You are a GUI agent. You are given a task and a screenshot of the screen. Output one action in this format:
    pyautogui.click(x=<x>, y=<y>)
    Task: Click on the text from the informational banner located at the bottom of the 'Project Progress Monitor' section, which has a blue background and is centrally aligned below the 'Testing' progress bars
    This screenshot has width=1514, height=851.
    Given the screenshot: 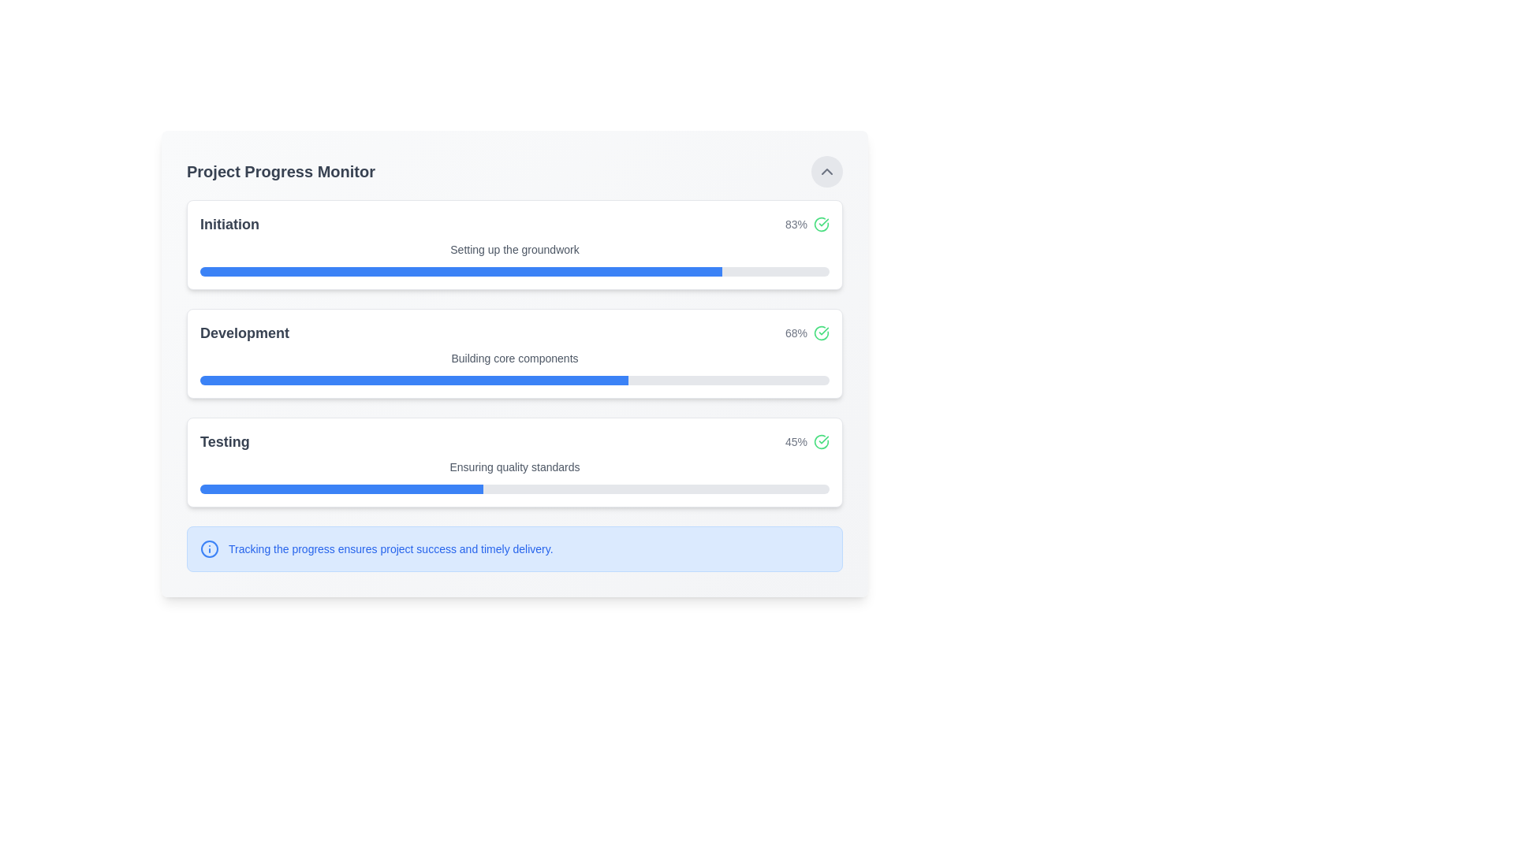 What is the action you would take?
    pyautogui.click(x=514, y=548)
    